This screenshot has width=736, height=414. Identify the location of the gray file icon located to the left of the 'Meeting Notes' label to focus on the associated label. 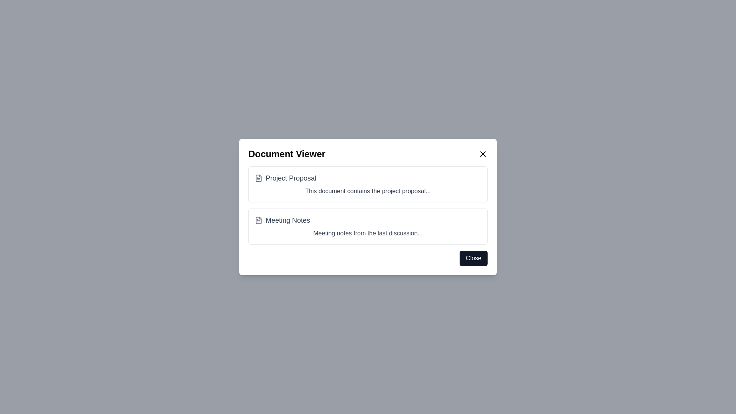
(259, 220).